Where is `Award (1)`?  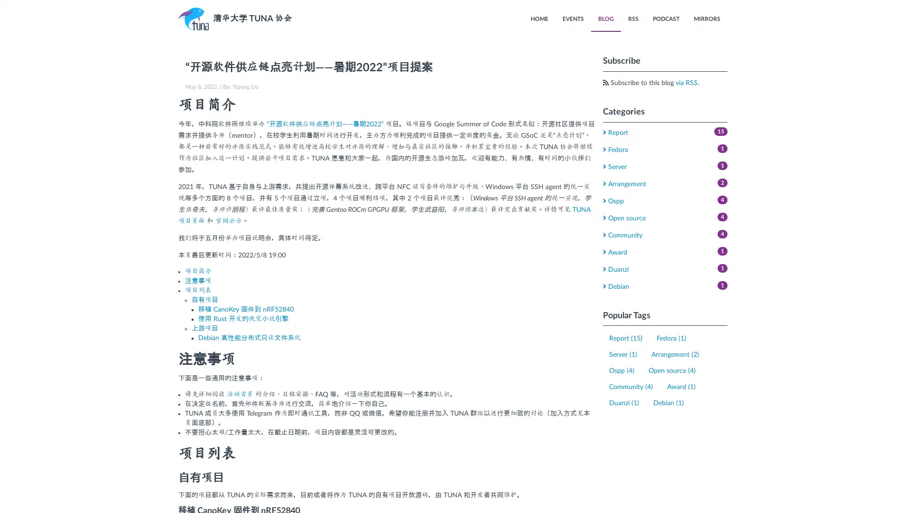 Award (1) is located at coordinates (680, 387).